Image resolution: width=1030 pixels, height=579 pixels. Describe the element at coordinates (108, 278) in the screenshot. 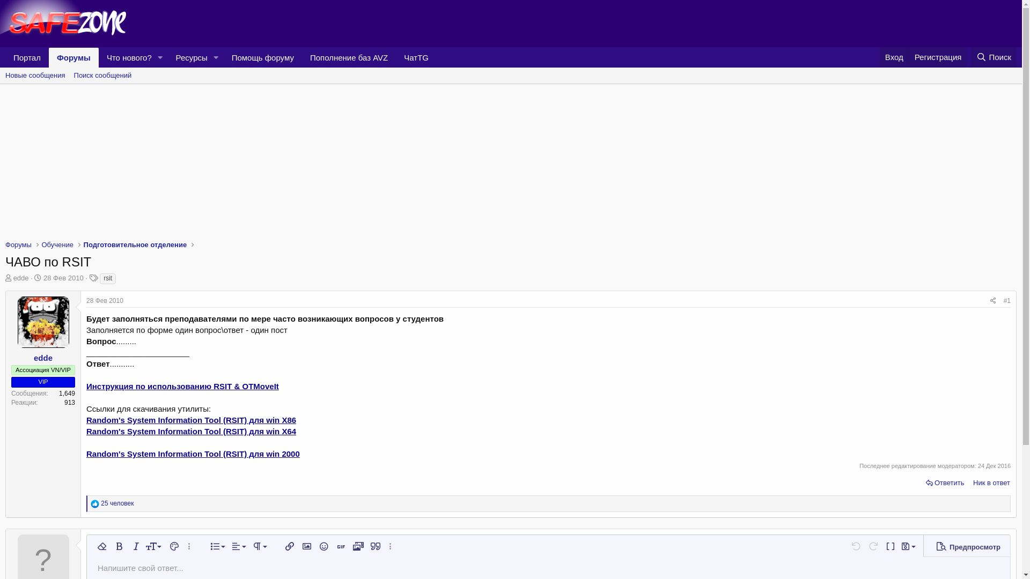

I see `'rsit'` at that location.